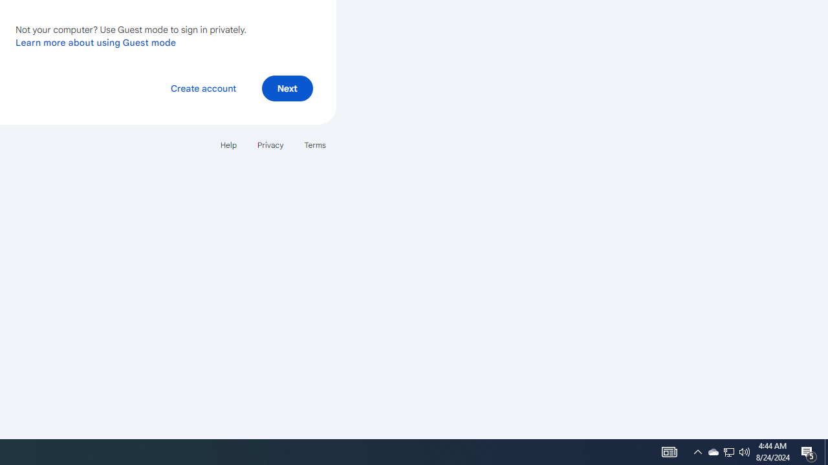  What do you see at coordinates (287, 87) in the screenshot?
I see `'Next'` at bounding box center [287, 87].